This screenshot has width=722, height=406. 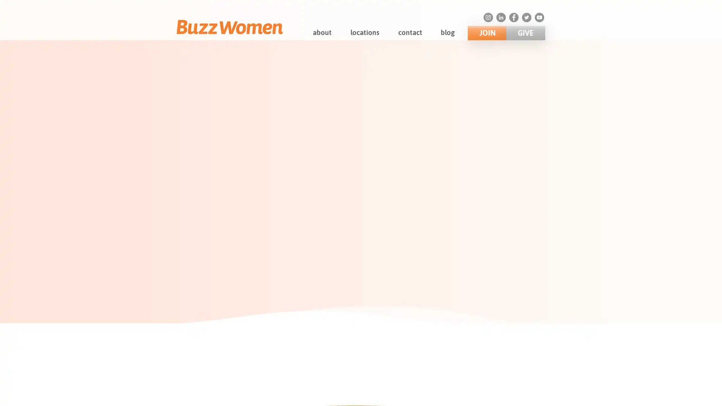 What do you see at coordinates (713, 394) in the screenshot?
I see `Close` at bounding box center [713, 394].